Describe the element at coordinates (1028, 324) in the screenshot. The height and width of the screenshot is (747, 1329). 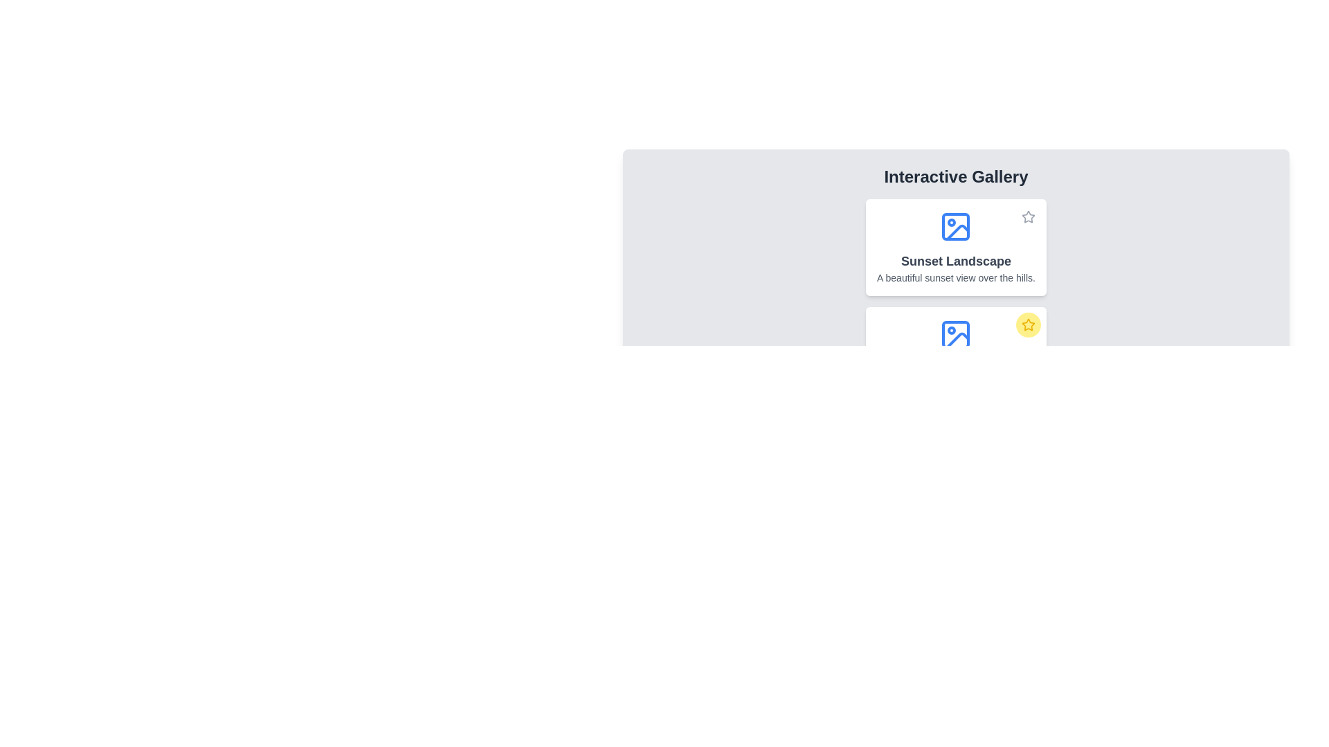
I see `the star-shaped icon with a yellow fill located at the top-right corner of the 'Sunset Landscape' card` at that location.